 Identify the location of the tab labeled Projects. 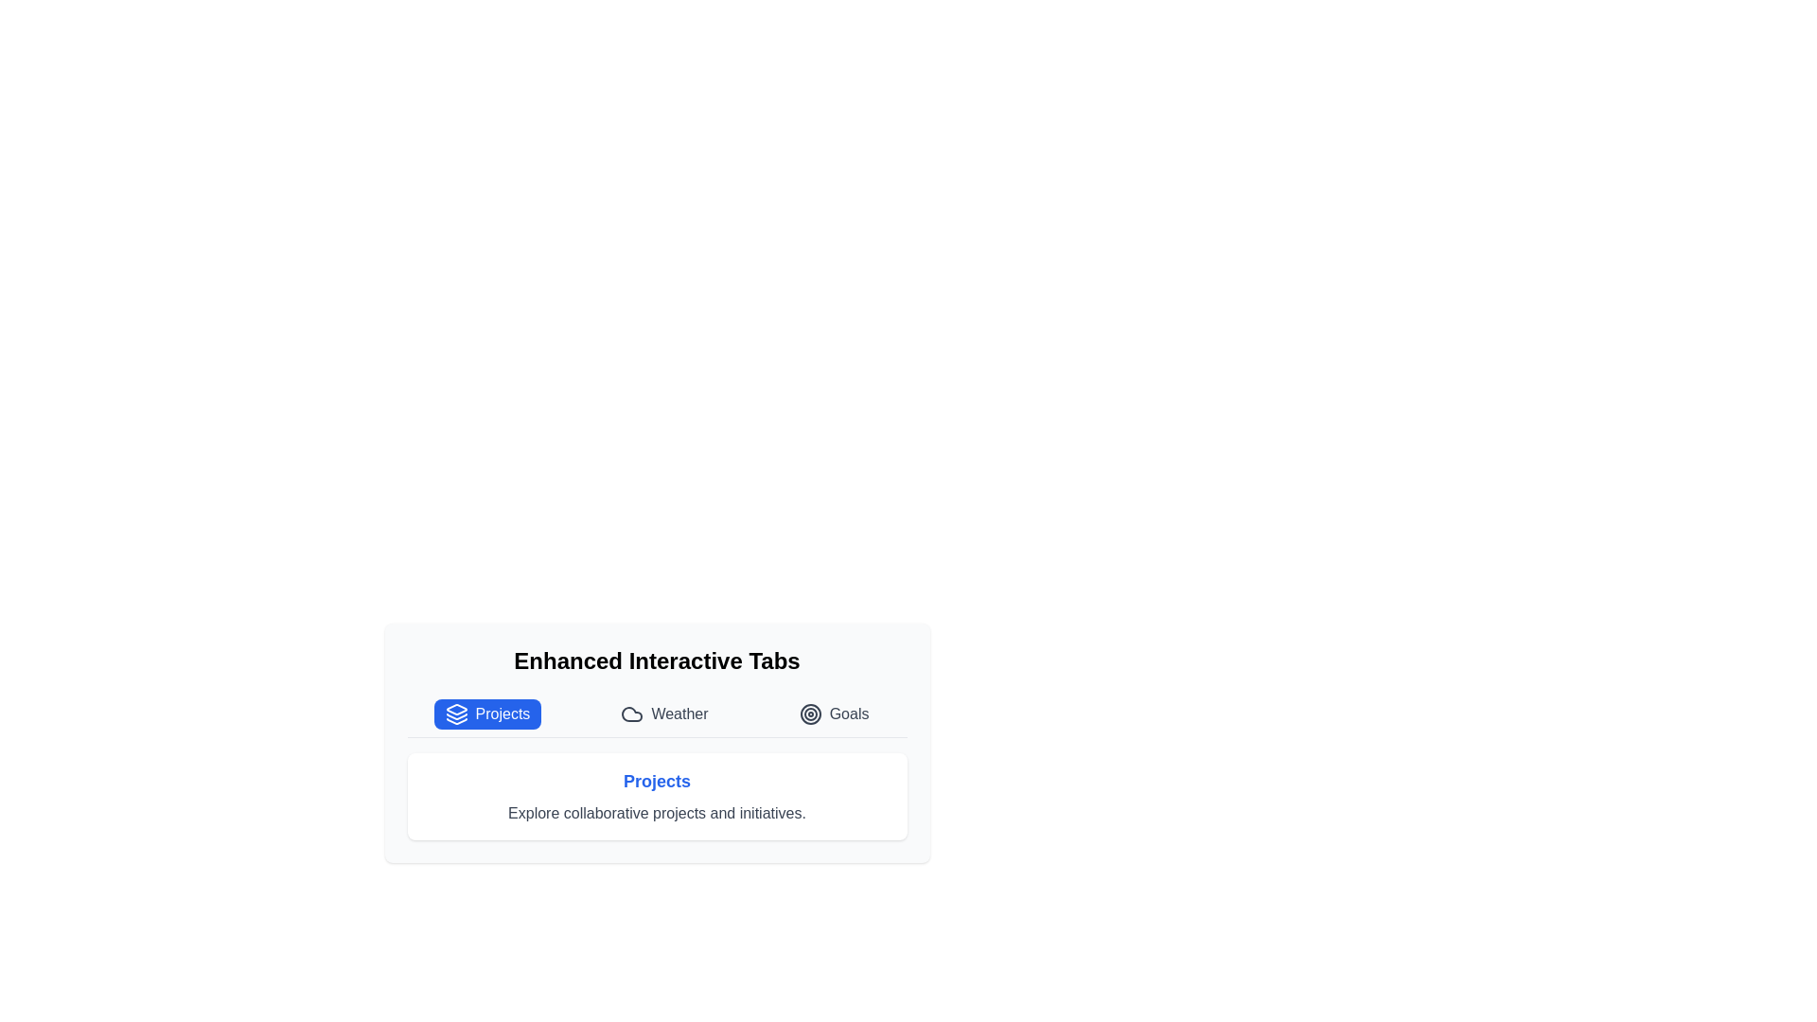
(487, 714).